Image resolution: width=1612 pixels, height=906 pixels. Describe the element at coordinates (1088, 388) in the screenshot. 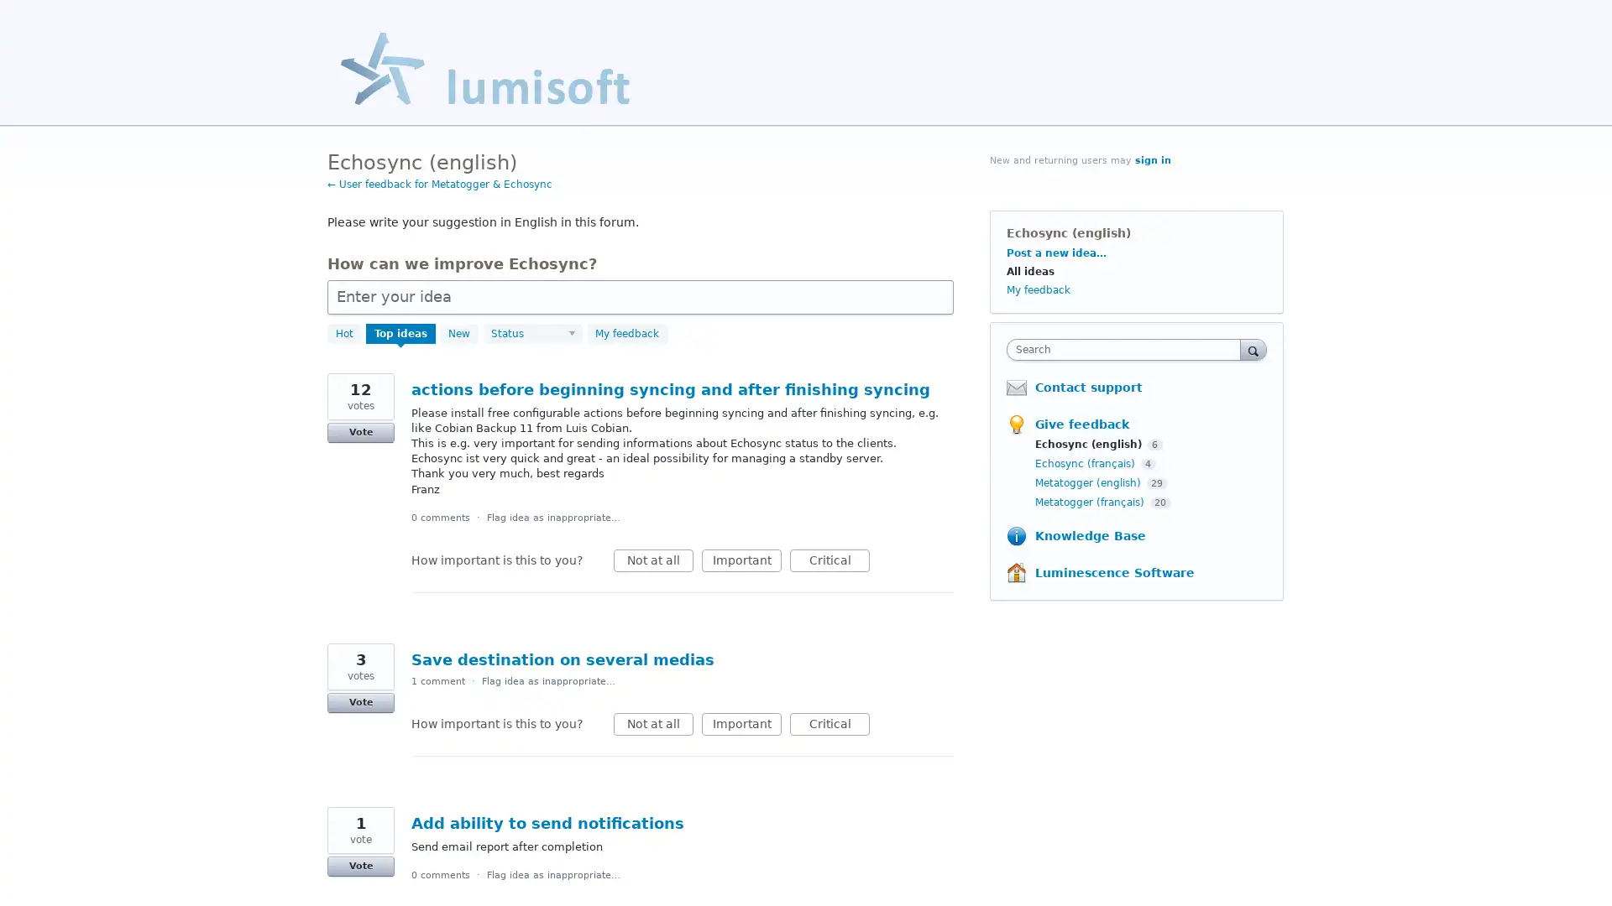

I see `Contact support` at that location.